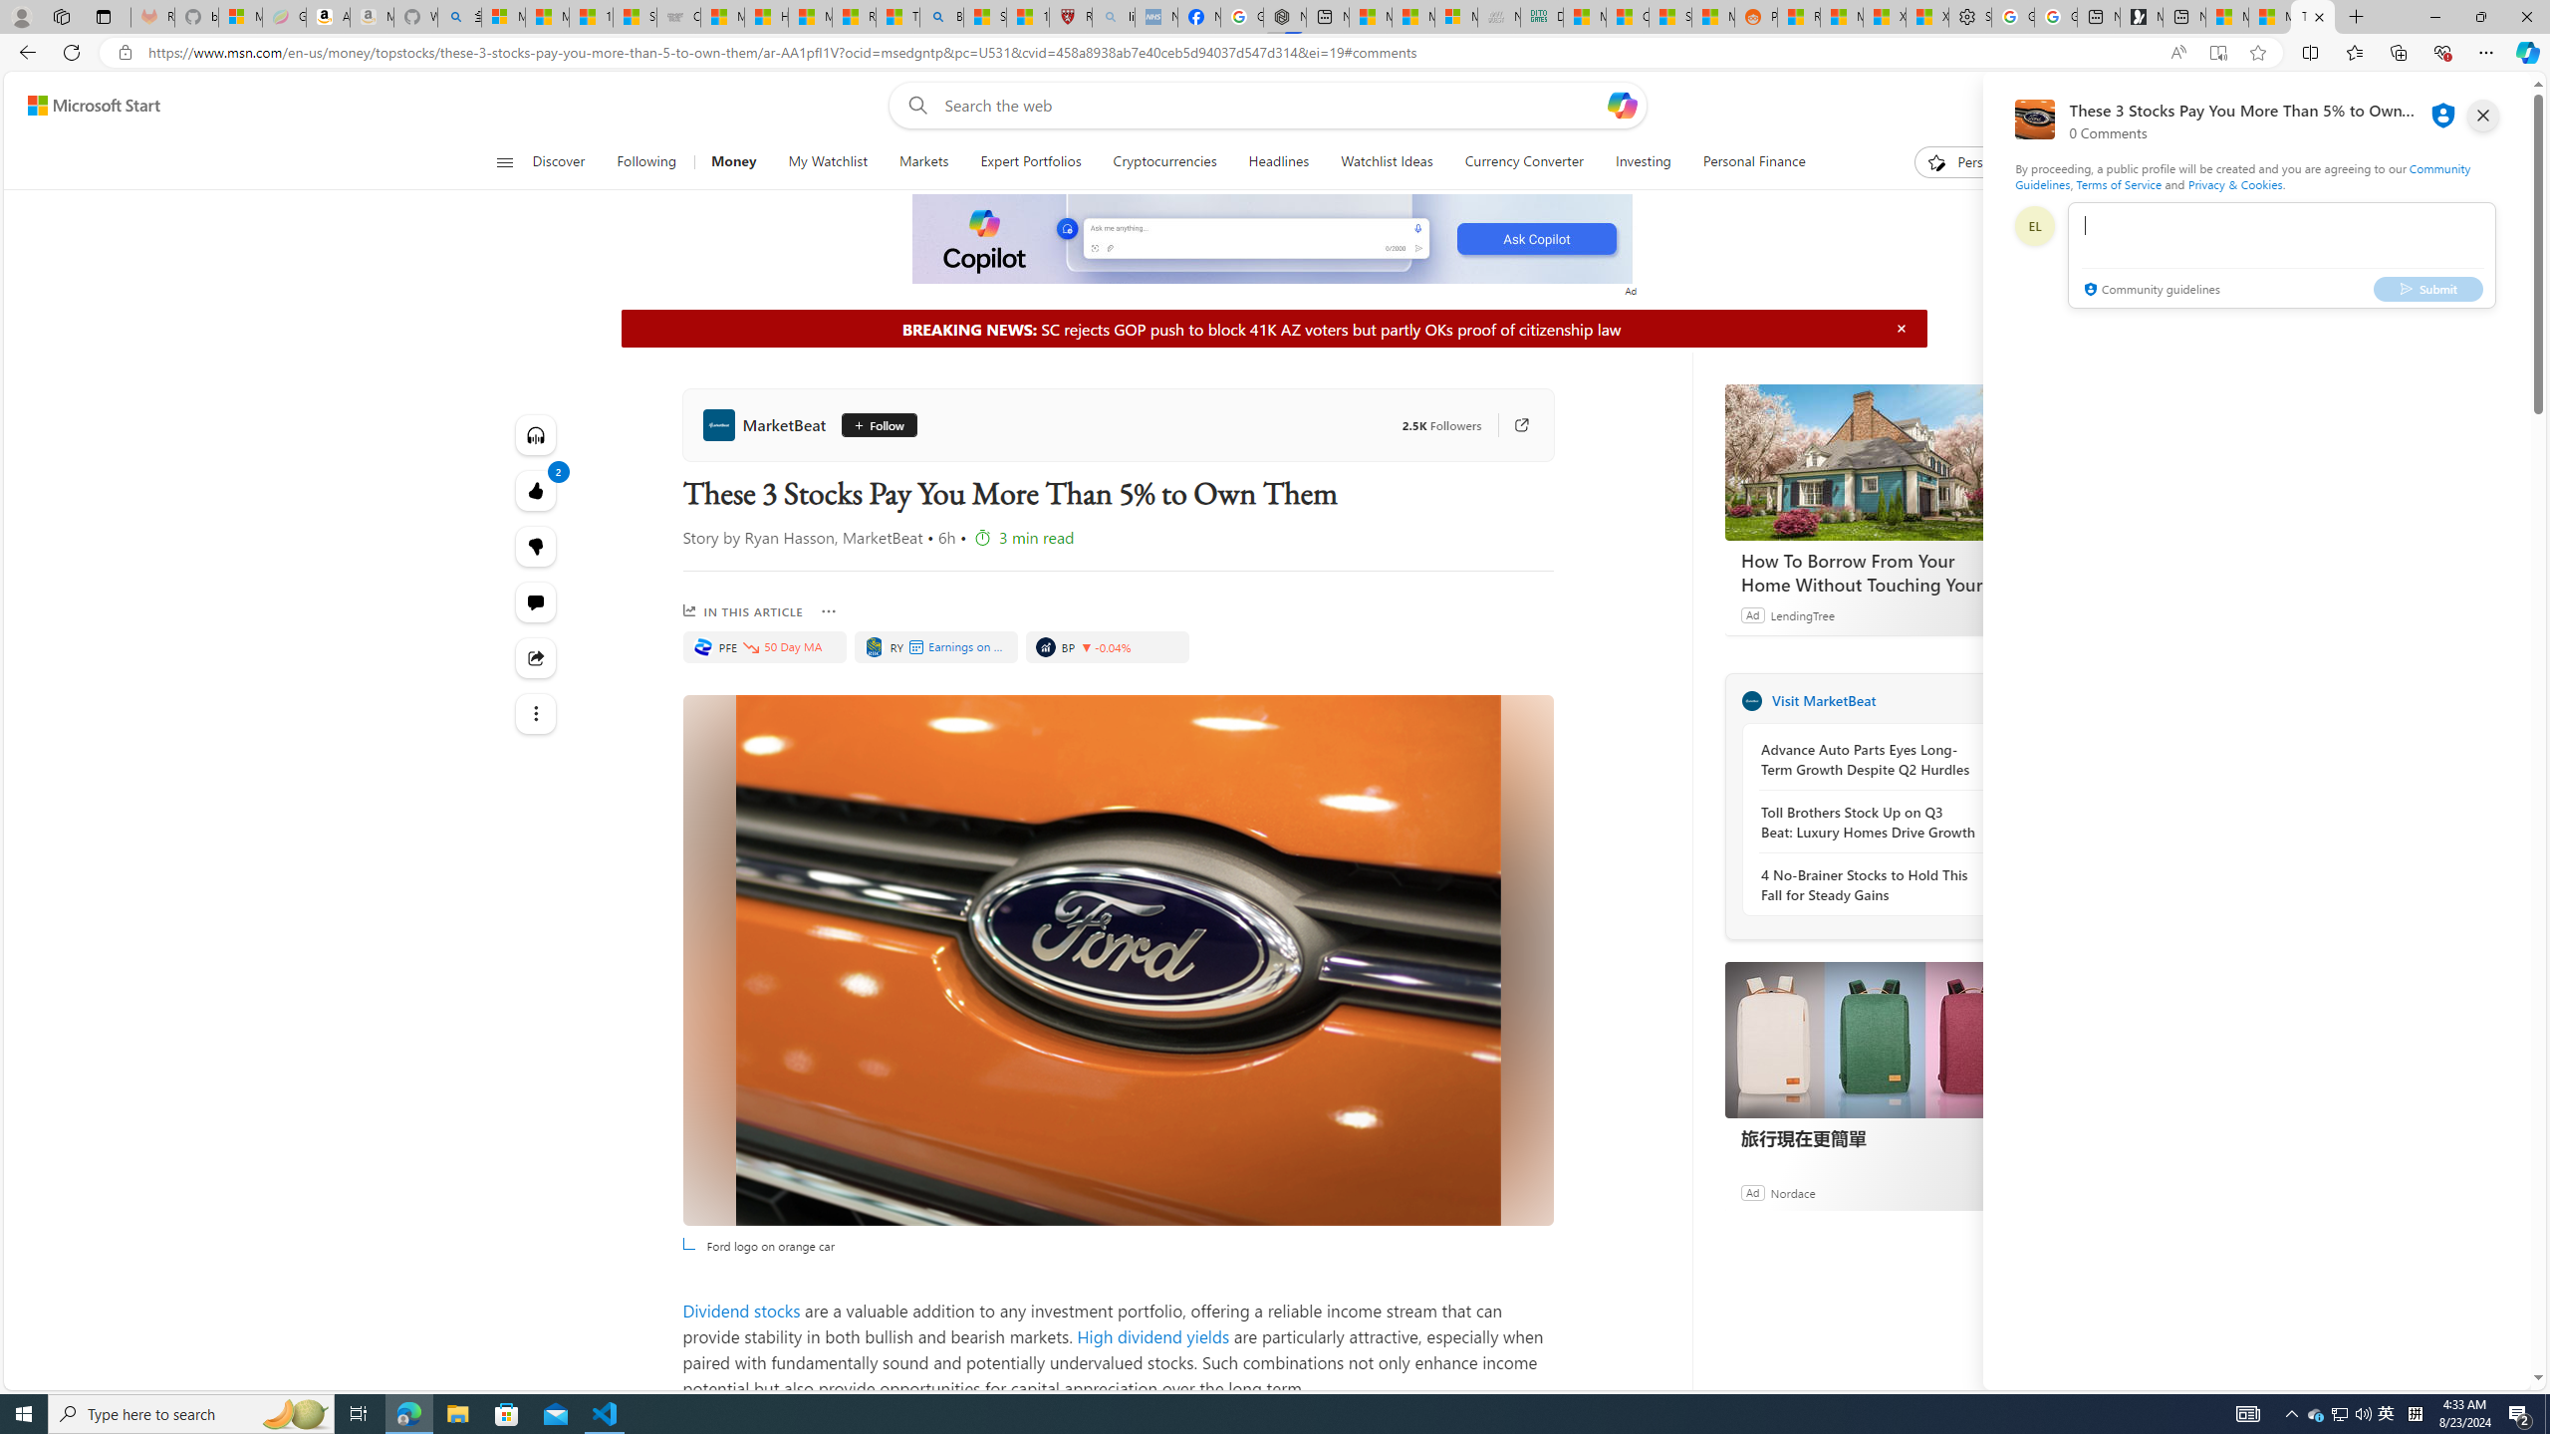  What do you see at coordinates (2151, 290) in the screenshot?
I see `'Community guidelines'` at bounding box center [2151, 290].